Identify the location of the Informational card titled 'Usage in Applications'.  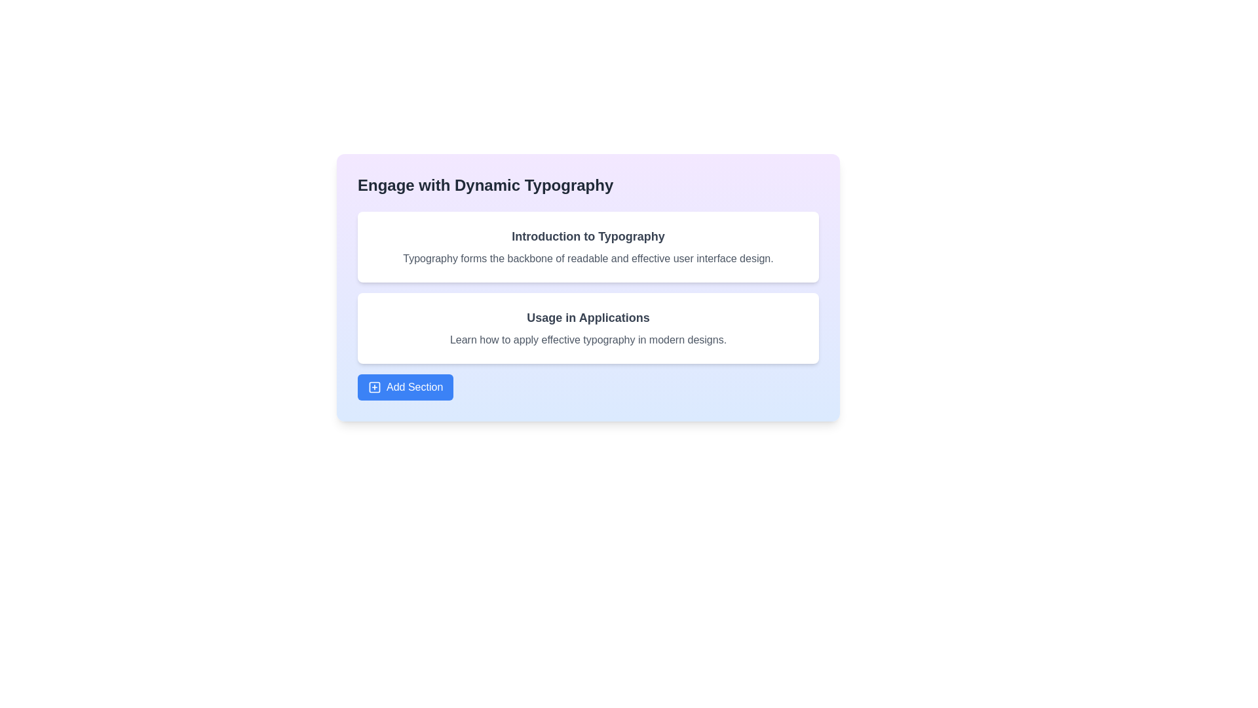
(587, 328).